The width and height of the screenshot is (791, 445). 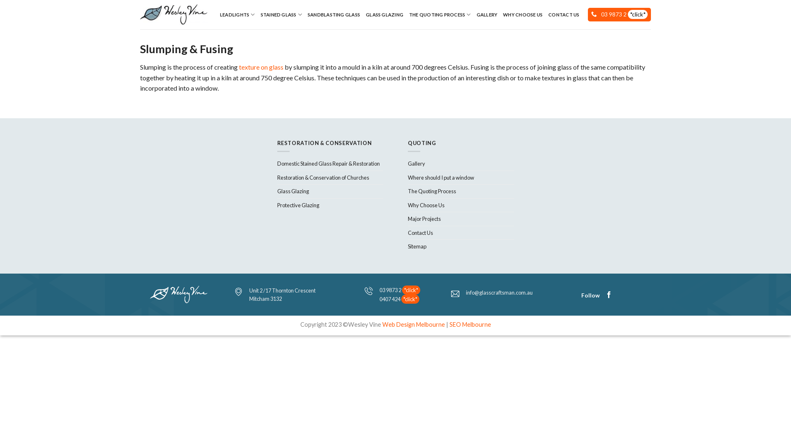 What do you see at coordinates (413, 324) in the screenshot?
I see `'Web Design Melbourne'` at bounding box center [413, 324].